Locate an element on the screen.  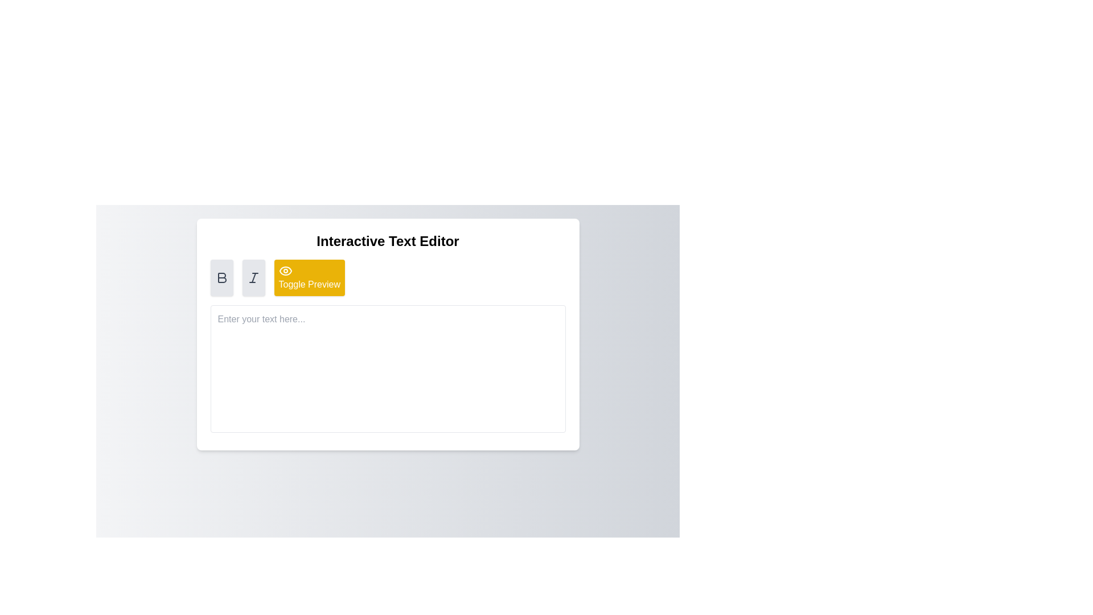
the bold formatting button, which is the first button in the horizontal sequence below the 'Interactive Text Editor' title, styled with a light gray background and featuring a bold letter 'B' icon is located at coordinates (221, 278).